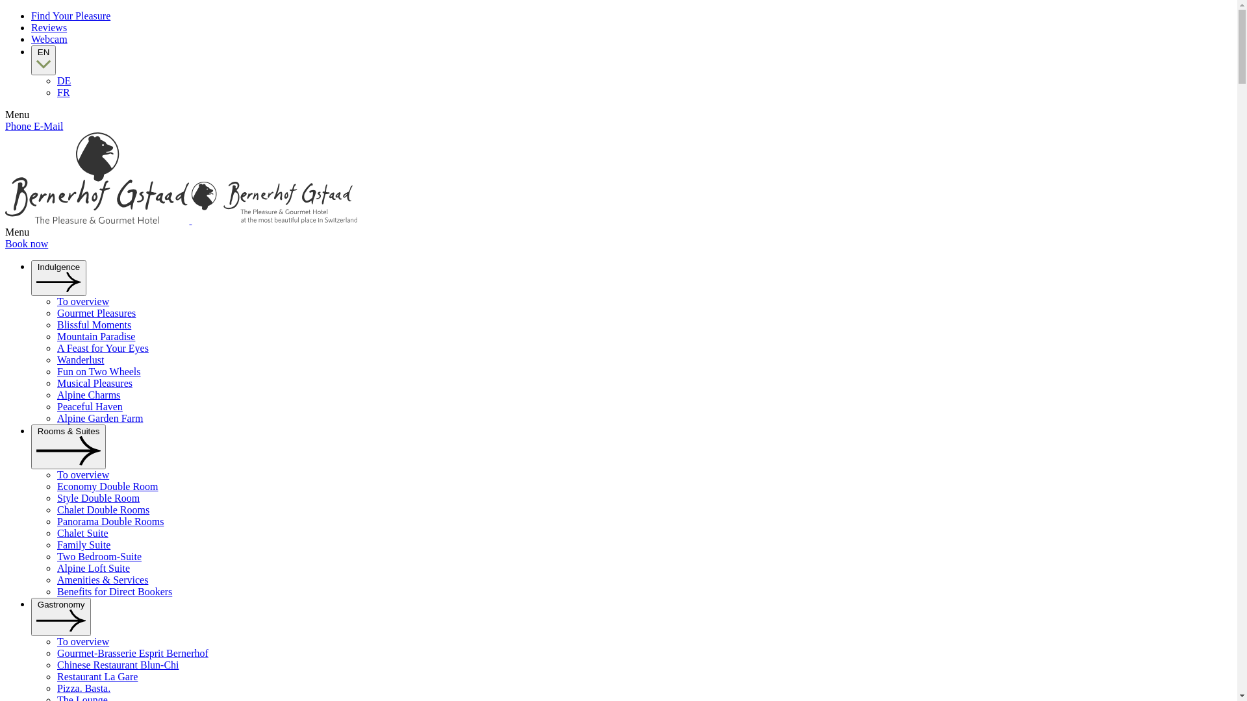 The image size is (1247, 701). What do you see at coordinates (102, 509) in the screenshot?
I see `'Chalet Double Rooms'` at bounding box center [102, 509].